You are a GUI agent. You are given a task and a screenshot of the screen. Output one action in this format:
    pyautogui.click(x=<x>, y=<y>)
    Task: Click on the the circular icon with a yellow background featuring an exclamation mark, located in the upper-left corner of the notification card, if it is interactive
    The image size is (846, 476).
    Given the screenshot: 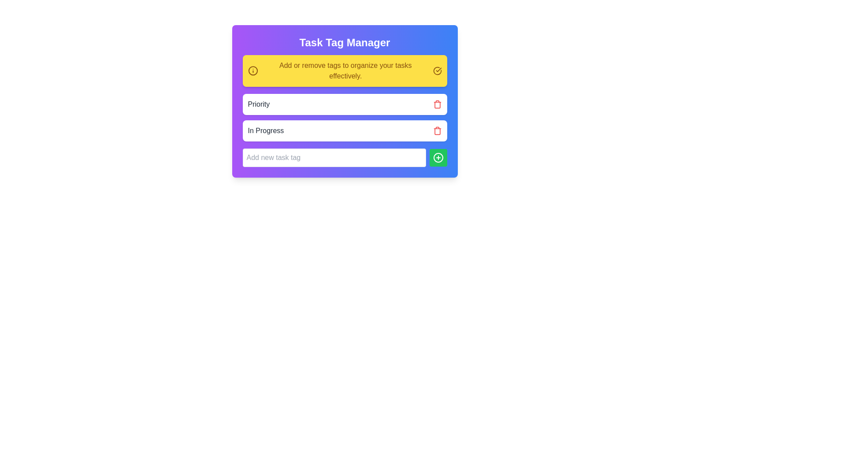 What is the action you would take?
    pyautogui.click(x=252, y=71)
    